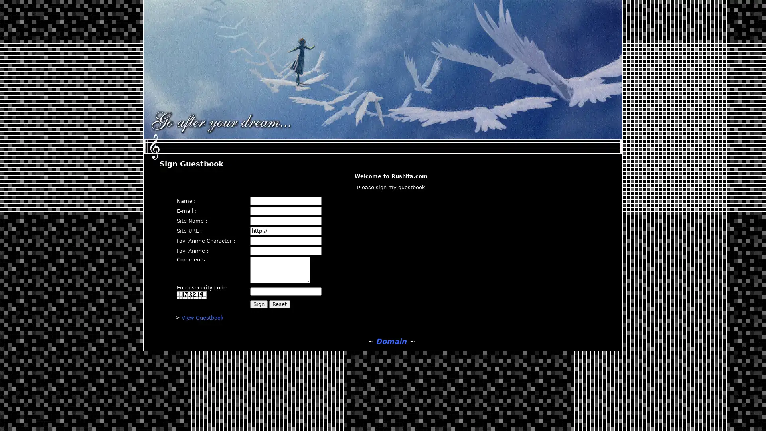 Image resolution: width=766 pixels, height=431 pixels. What do you see at coordinates (279, 304) in the screenshot?
I see `Reset` at bounding box center [279, 304].